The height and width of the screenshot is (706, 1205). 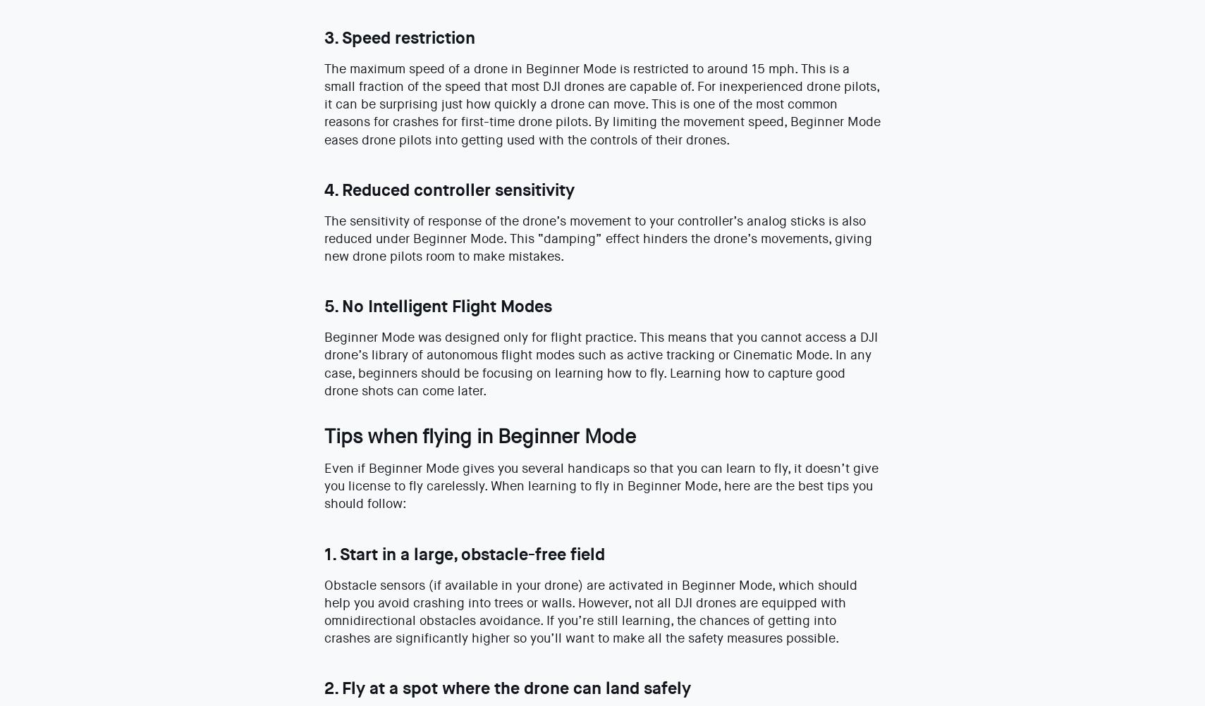 I want to click on '3. Speed restriction', so click(x=398, y=37).